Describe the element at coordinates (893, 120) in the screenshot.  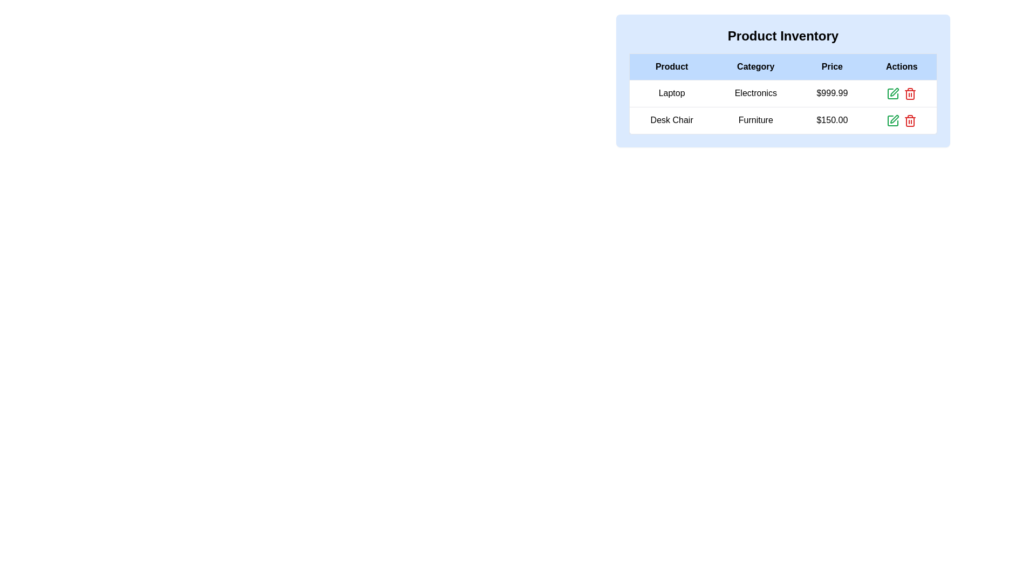
I see `the edit button associated with the 'Desk Chair' product entry in the second row of the table` at that location.